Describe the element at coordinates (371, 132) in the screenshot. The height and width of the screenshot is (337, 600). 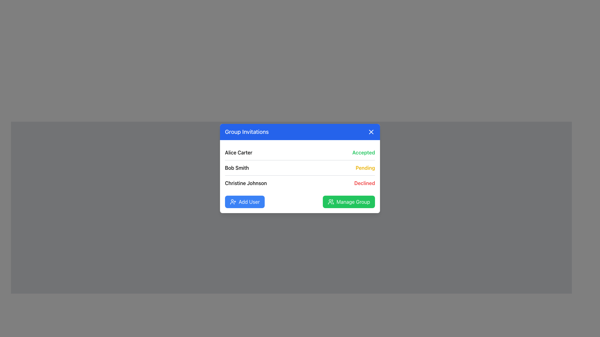
I see `the circular close button with an 'X' icon located at the top-right corner of the 'Group Invitations' dialog` at that location.